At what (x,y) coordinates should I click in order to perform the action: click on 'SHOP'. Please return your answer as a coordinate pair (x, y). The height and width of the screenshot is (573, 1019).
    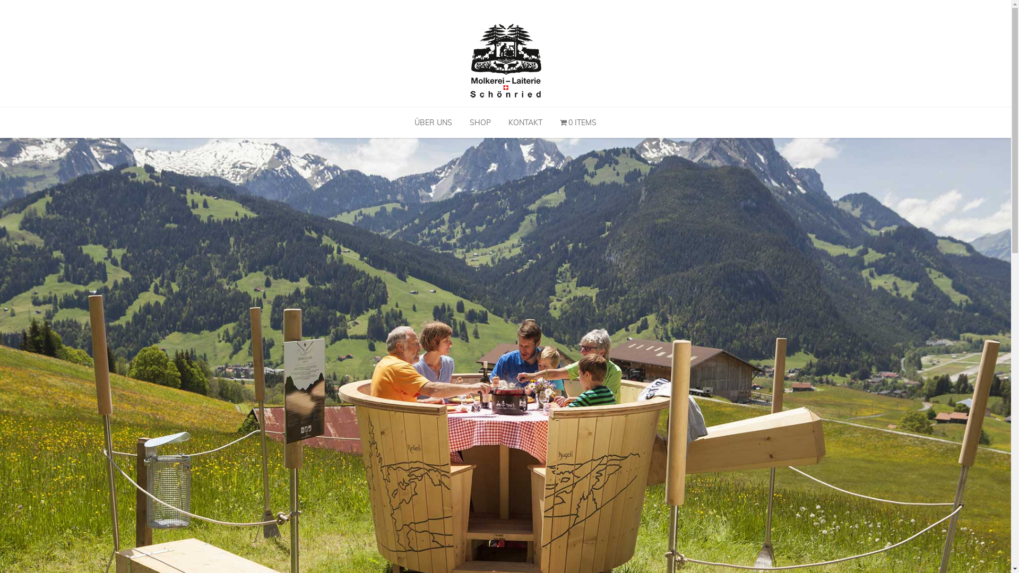
    Looking at the image, I should click on (480, 122).